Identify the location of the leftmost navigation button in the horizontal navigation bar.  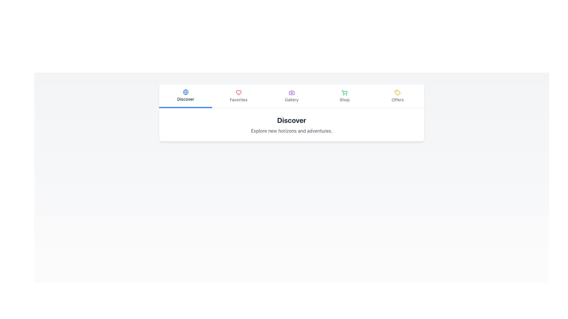
(185, 96).